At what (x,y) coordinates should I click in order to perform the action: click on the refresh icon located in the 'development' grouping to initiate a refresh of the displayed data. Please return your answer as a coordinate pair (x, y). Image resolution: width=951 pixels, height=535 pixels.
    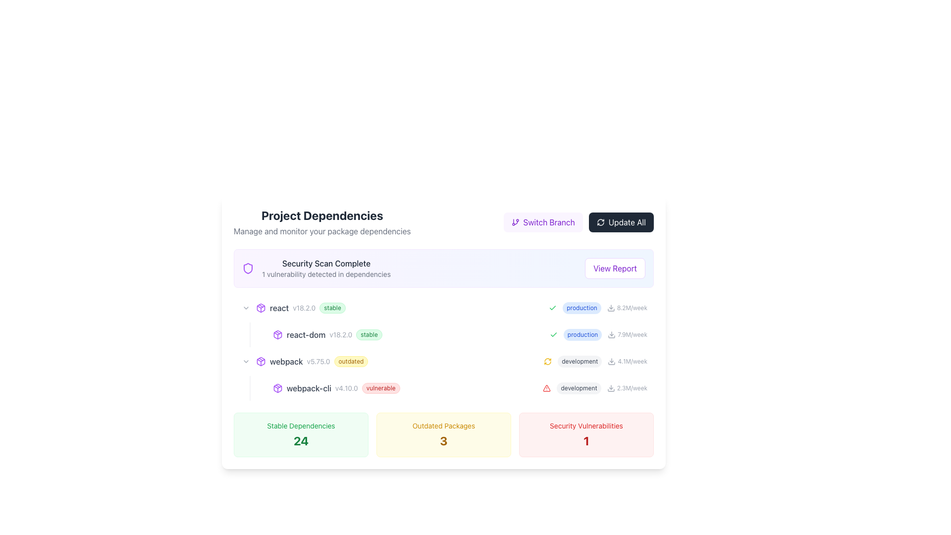
    Looking at the image, I should click on (547, 361).